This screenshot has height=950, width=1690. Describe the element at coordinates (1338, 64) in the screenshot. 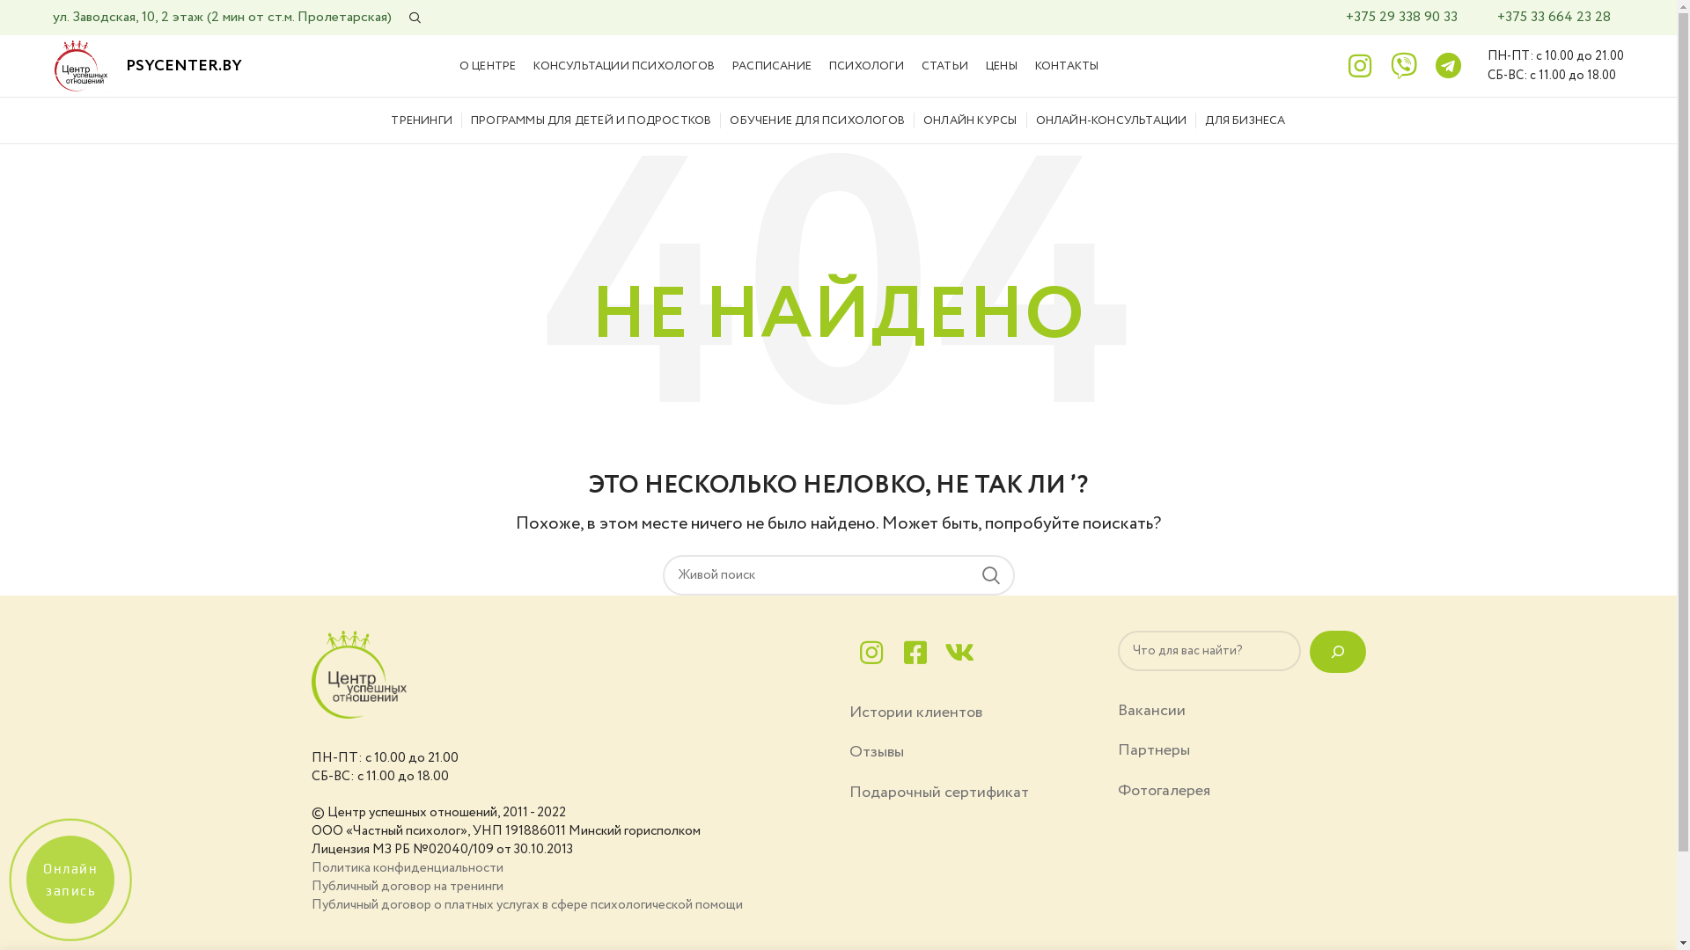

I see `'instagram'` at that location.